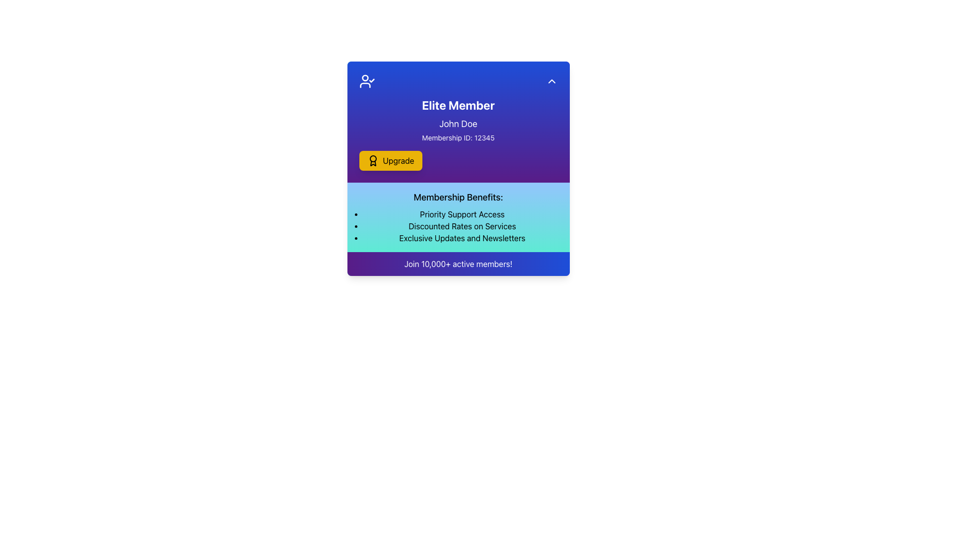  Describe the element at coordinates (372, 158) in the screenshot. I see `the SVG Circle element located in the header section of the membership card, which is part of the award symbol icon above the 'Elite Member' text` at that location.